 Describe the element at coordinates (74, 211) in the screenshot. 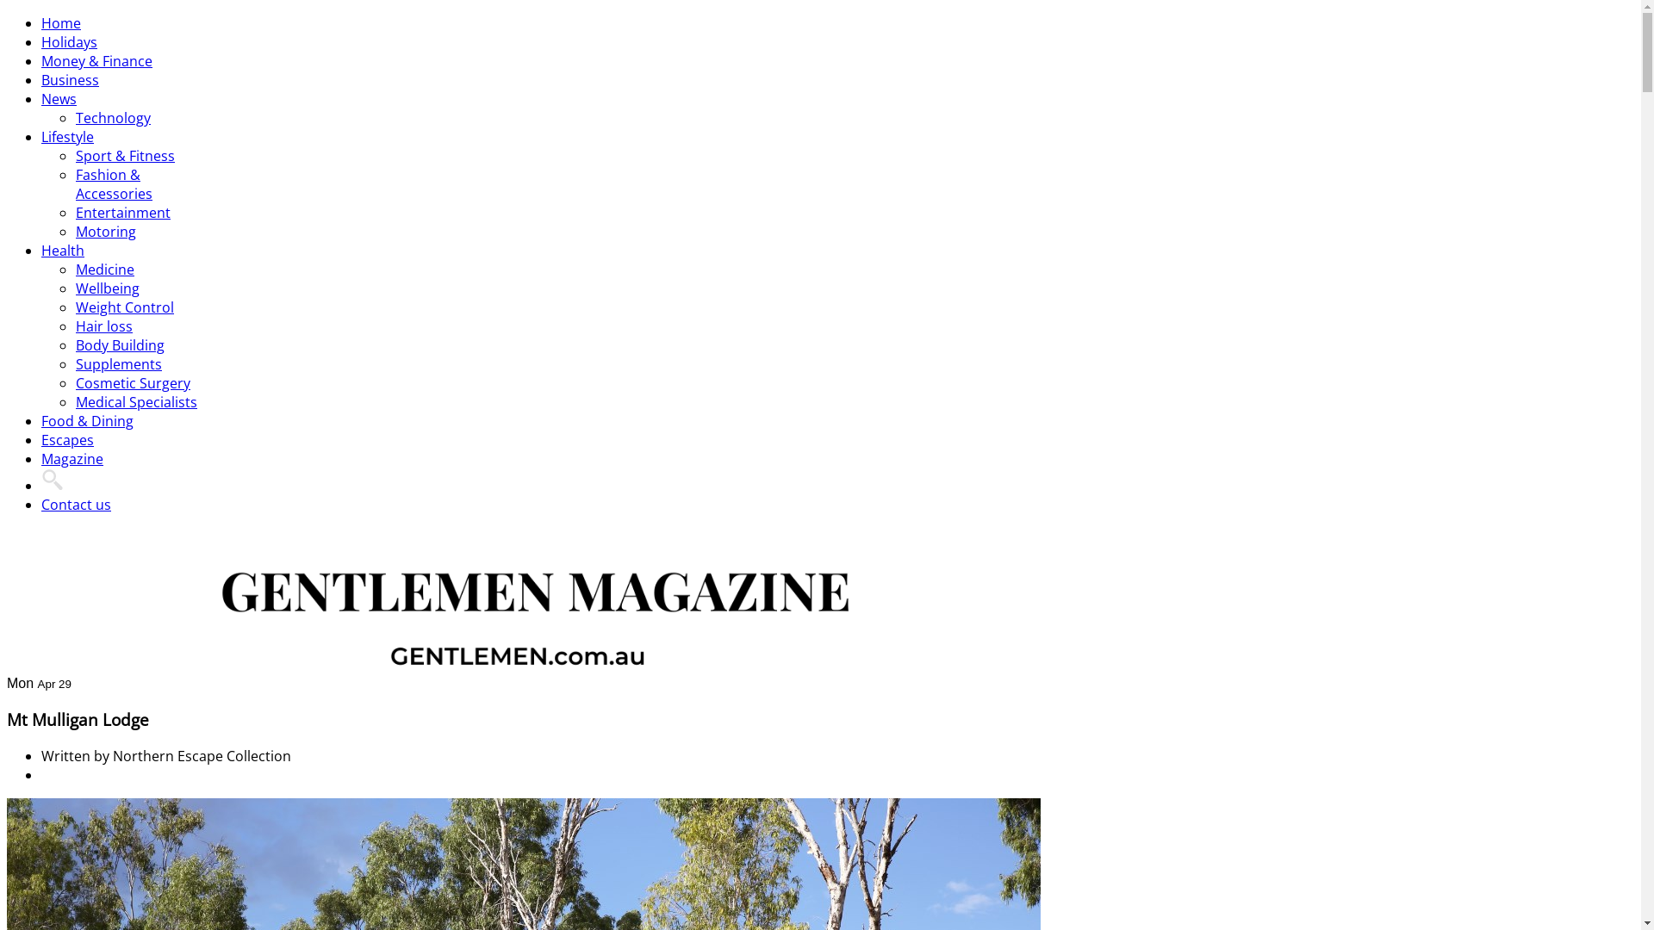

I see `'Entertainment'` at that location.